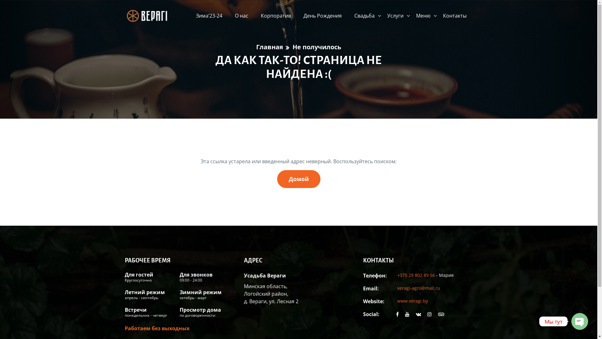 Image resolution: width=602 pixels, height=339 pixels. I want to click on '+375 29 802 89 56', so click(416, 274).